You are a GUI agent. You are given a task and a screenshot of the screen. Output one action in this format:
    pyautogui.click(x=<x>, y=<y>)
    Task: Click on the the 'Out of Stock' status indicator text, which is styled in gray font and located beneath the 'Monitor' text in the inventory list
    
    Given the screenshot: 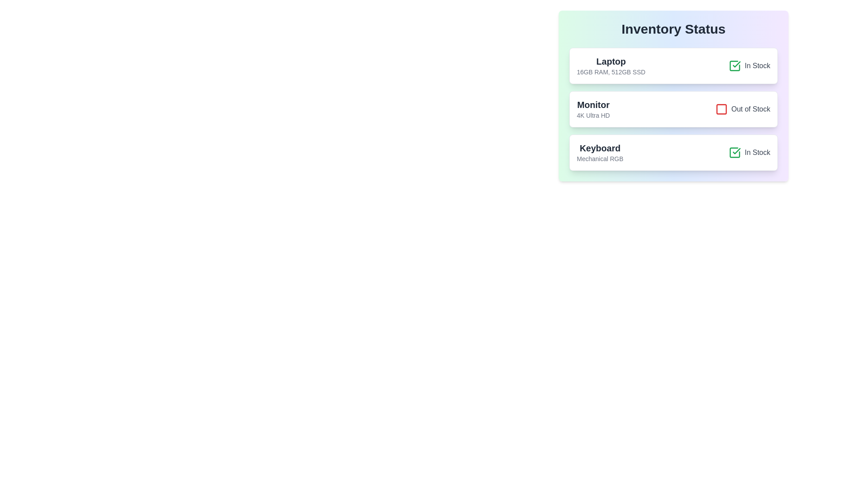 What is the action you would take?
    pyautogui.click(x=742, y=108)
    